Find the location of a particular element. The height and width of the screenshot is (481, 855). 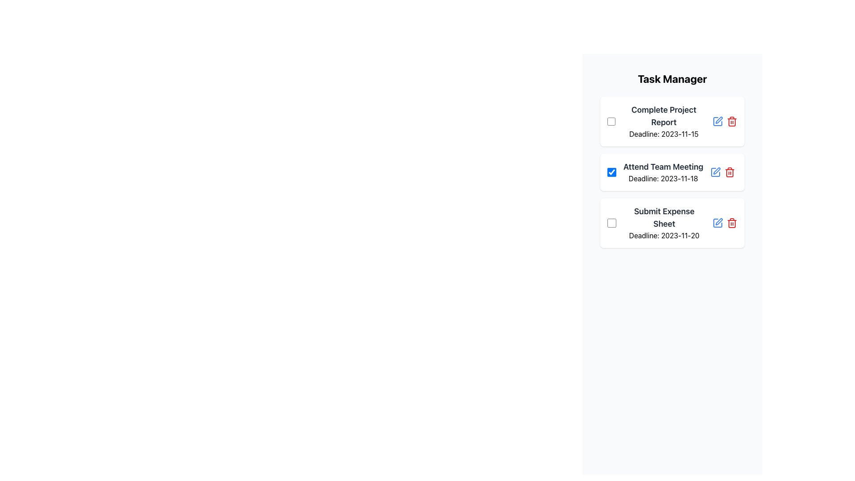

the trash can icon located to the right of the 'Complete Project Report' task is located at coordinates (725, 122).